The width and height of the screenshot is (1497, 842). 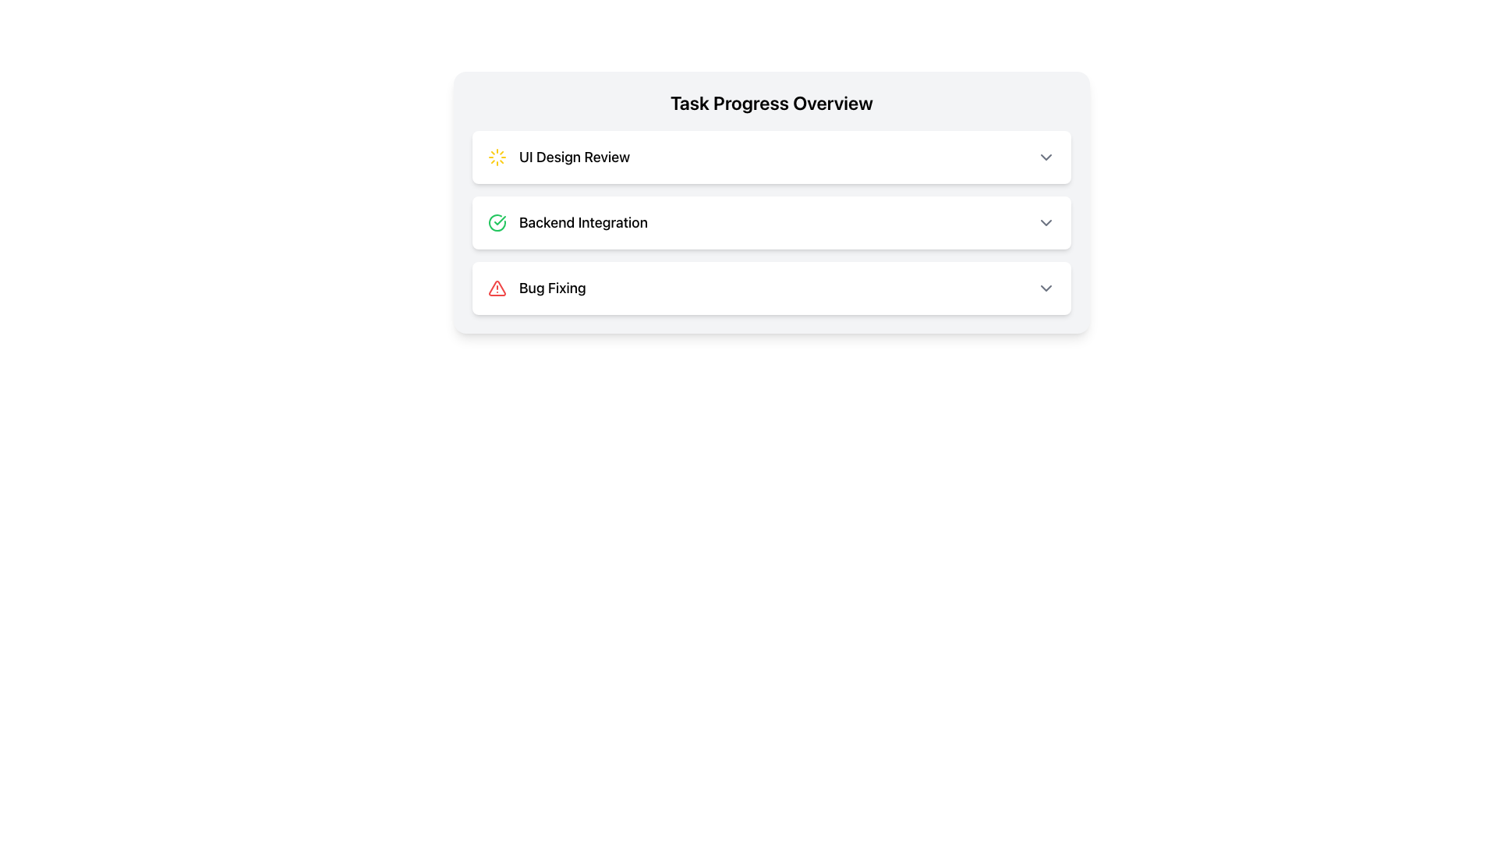 What do you see at coordinates (1046, 222) in the screenshot?
I see `the Dropdown trigger icon located on the far right of the 'Backend Integration' row in the 'Task Progress Overview' card to change its color` at bounding box center [1046, 222].